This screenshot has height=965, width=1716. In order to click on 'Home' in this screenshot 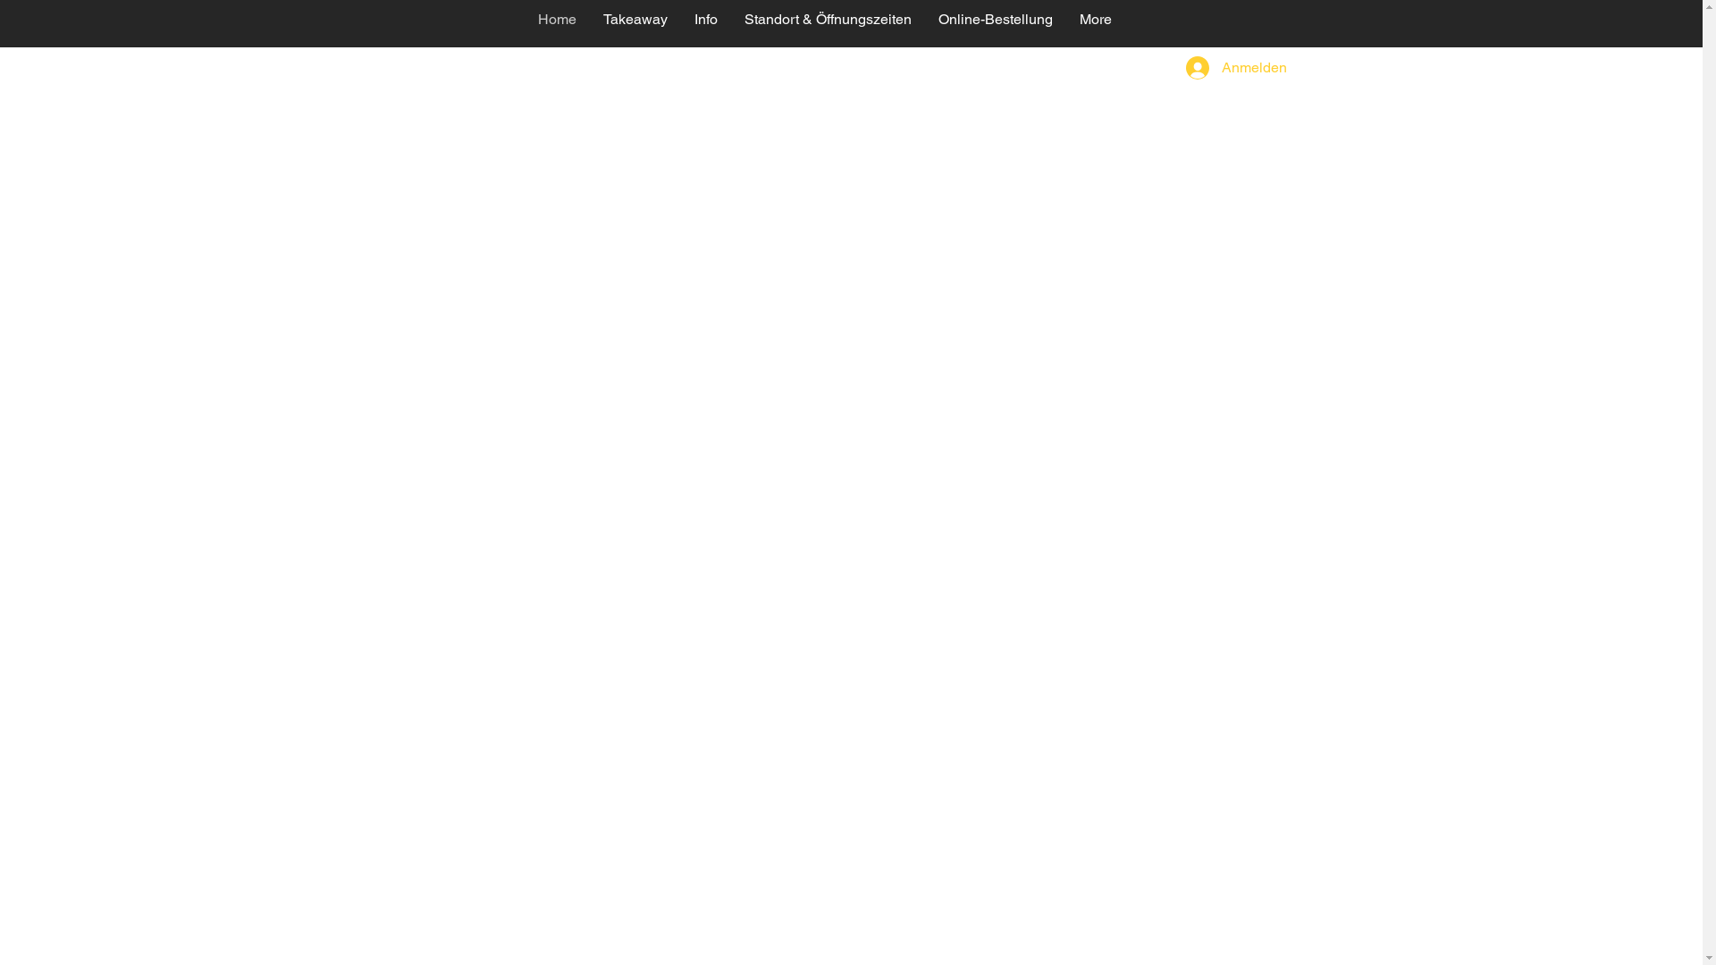, I will do `click(555, 22)`.